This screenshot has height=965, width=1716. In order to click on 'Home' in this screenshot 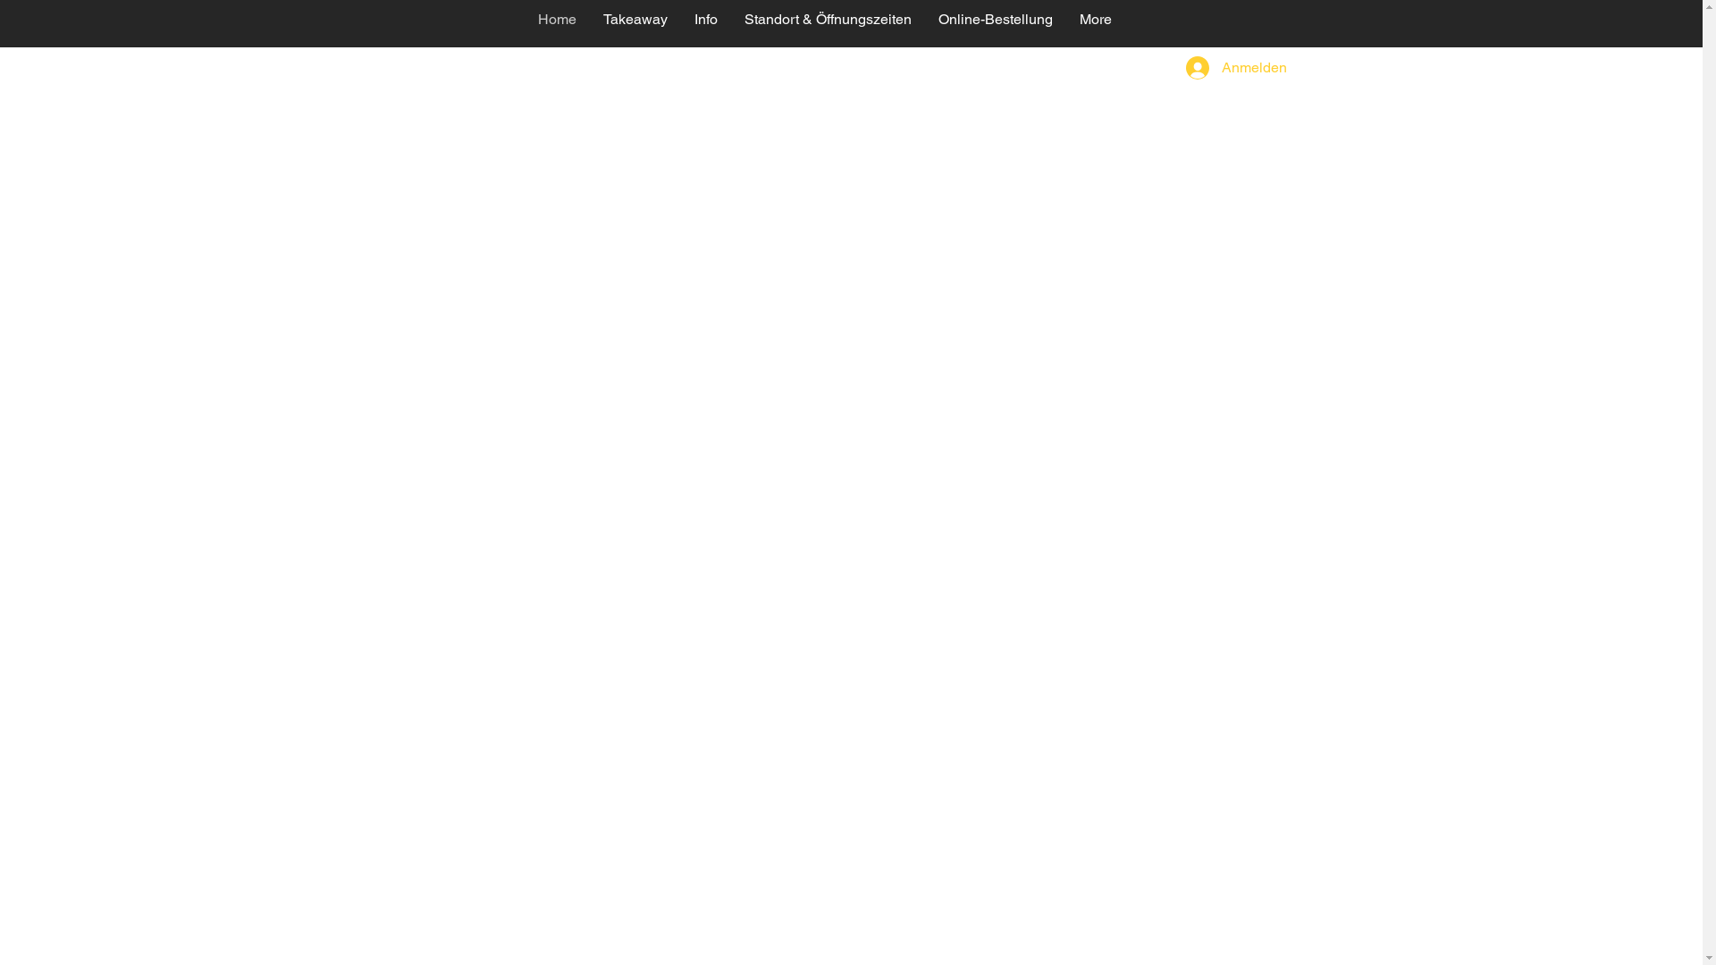, I will do `click(555, 22)`.